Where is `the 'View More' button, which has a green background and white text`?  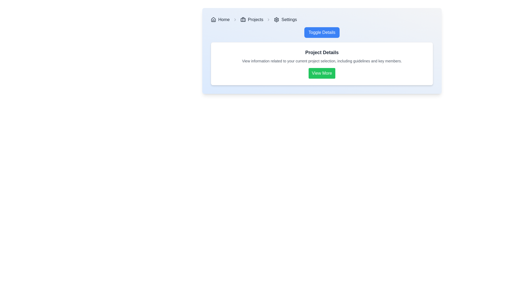 the 'View More' button, which has a green background and white text is located at coordinates (321, 73).